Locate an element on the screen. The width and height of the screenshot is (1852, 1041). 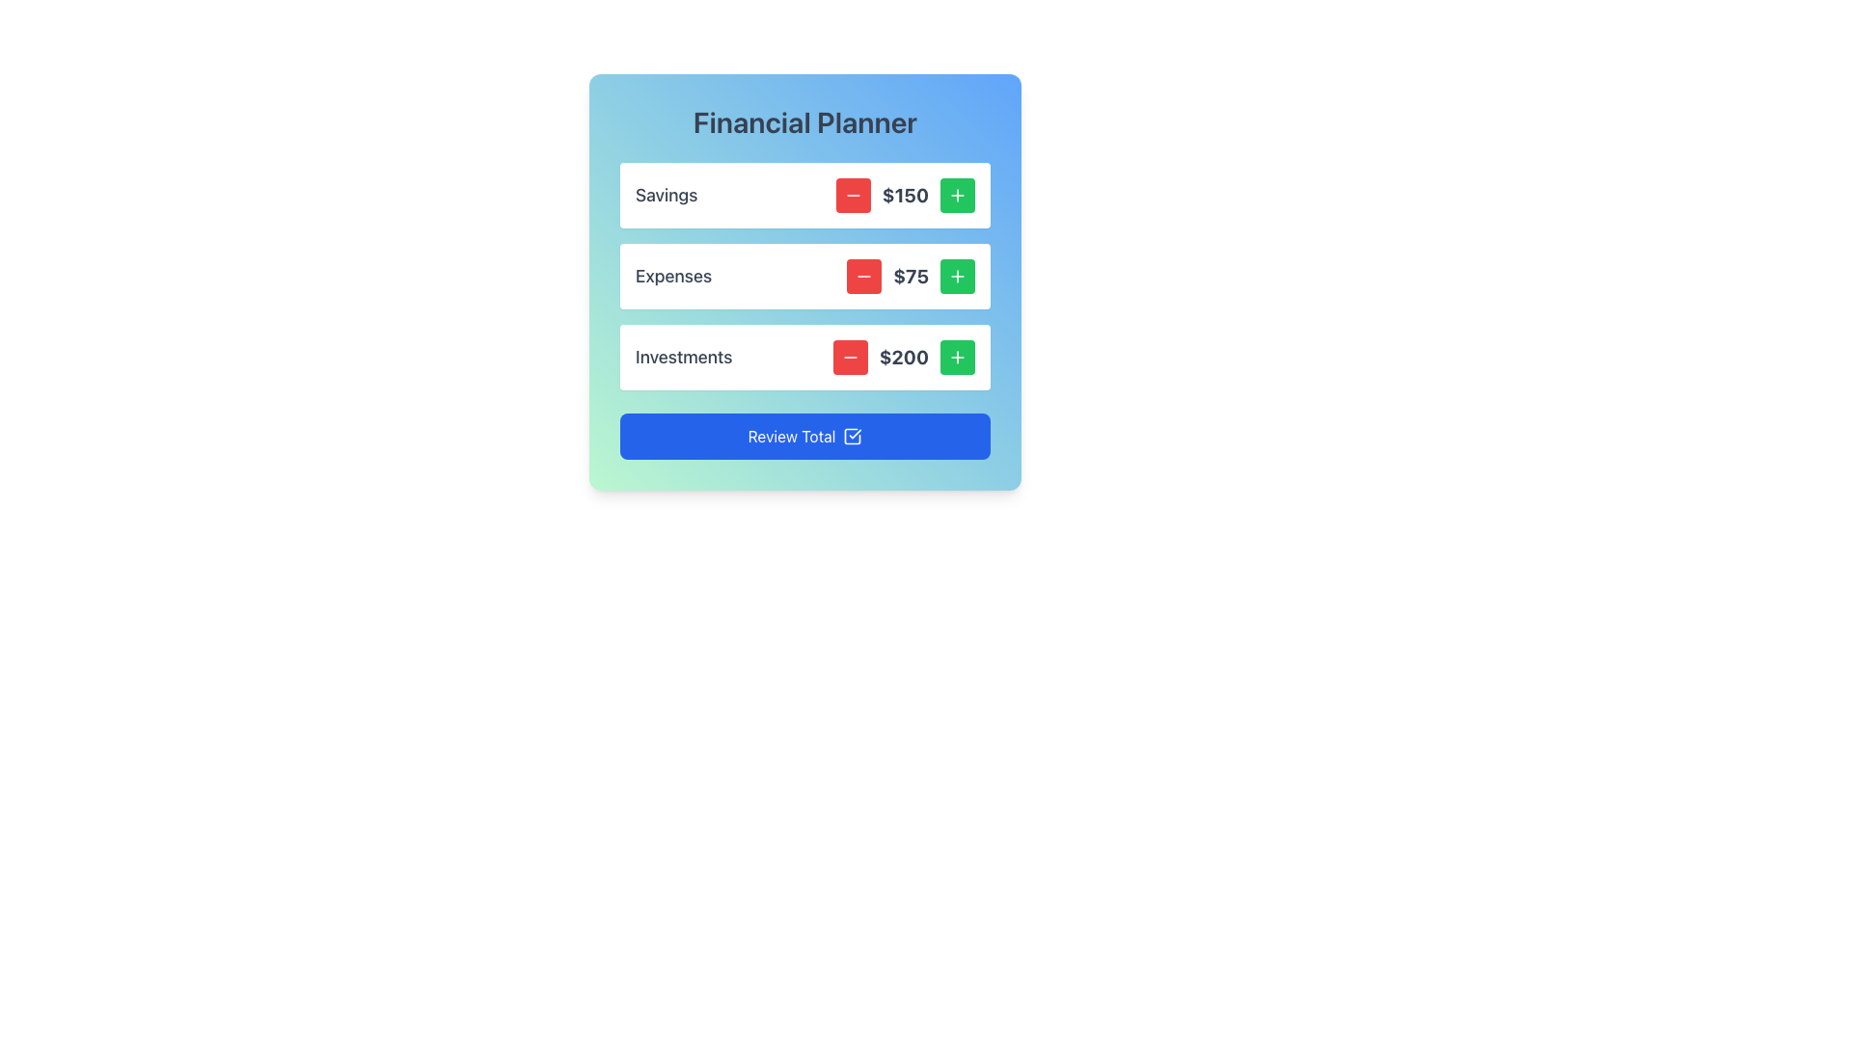
the square-shaped icon with a check mark, which is located to the left of the right border of the blue 'Review Total' button at the bottom of the interface is located at coordinates (852, 436).